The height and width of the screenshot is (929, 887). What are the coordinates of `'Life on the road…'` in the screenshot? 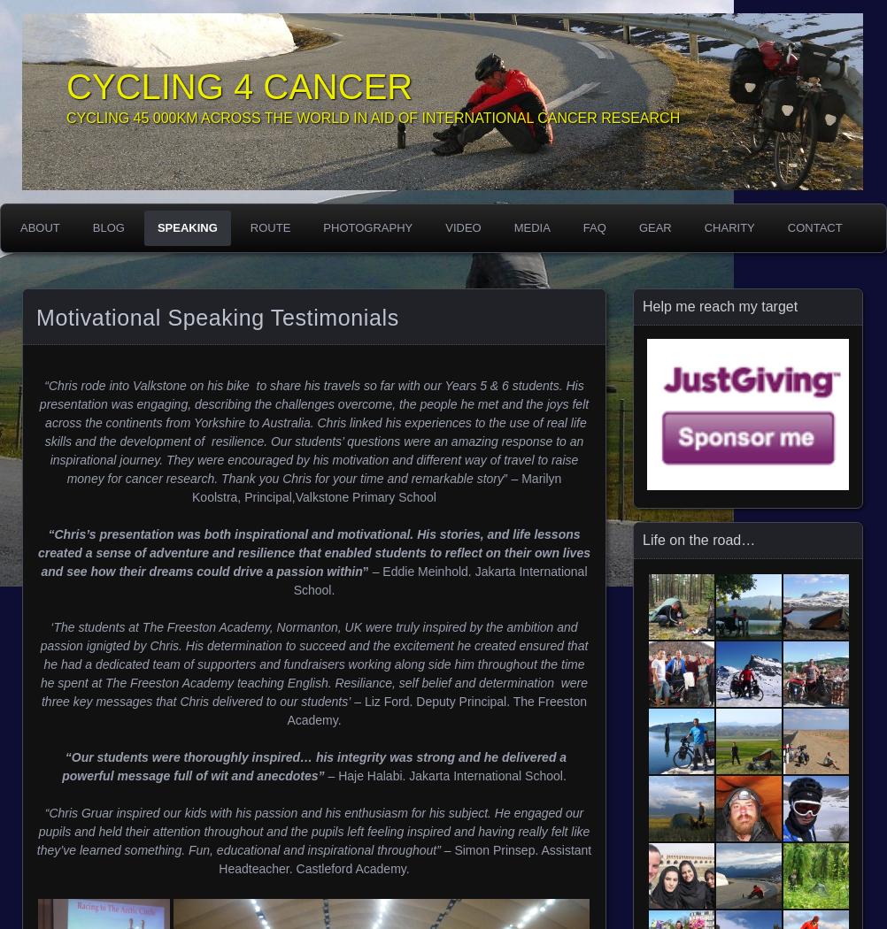 It's located at (698, 540).